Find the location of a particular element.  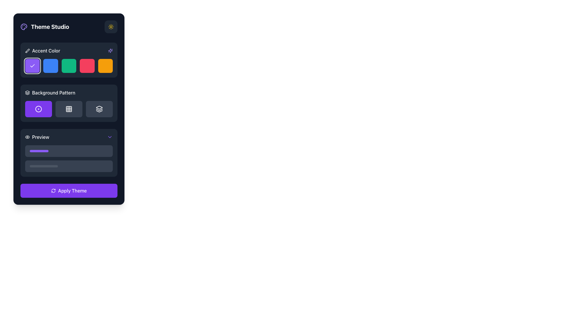

the first icon in the 'Background Pattern' section, located below the 'Accent Color' section, for accessibility purposes is located at coordinates (38, 109).